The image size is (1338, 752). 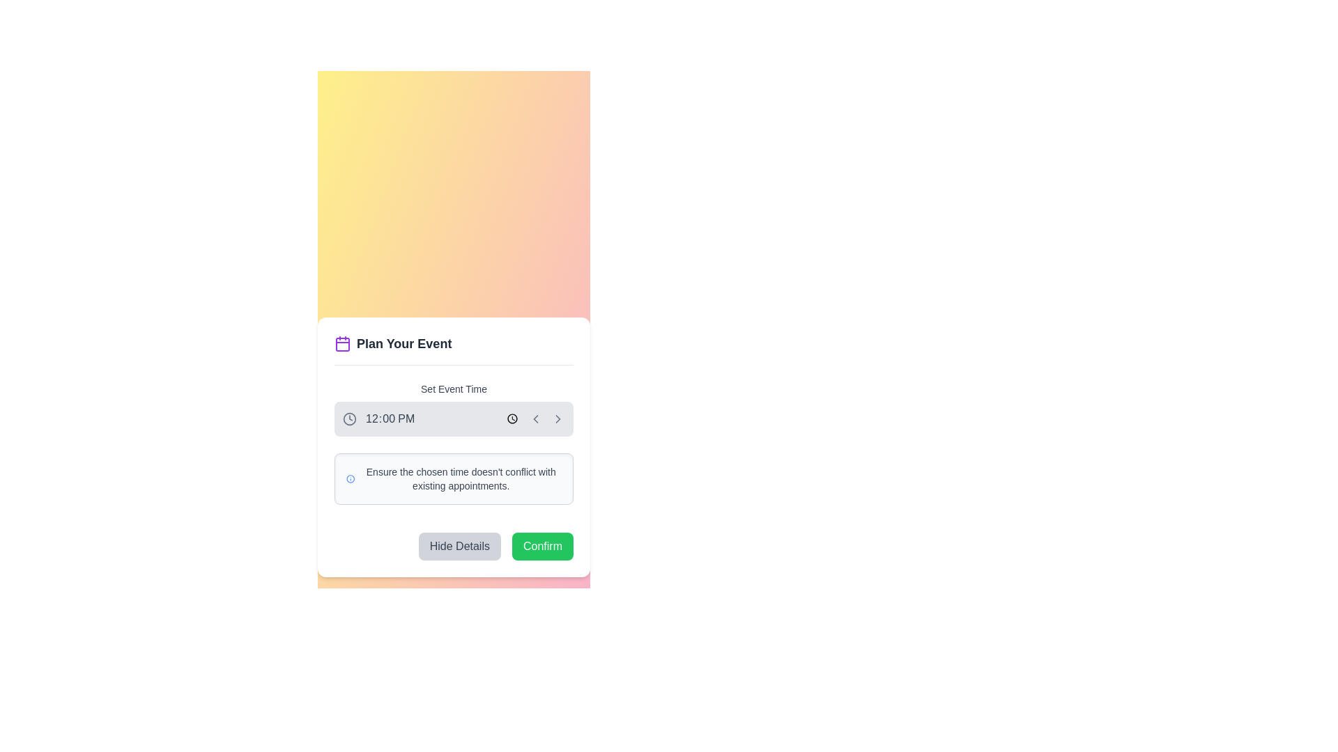 What do you see at coordinates (454, 389) in the screenshot?
I see `text label that describes the adjacent time input field, which is positioned above it in the card-like interface` at bounding box center [454, 389].